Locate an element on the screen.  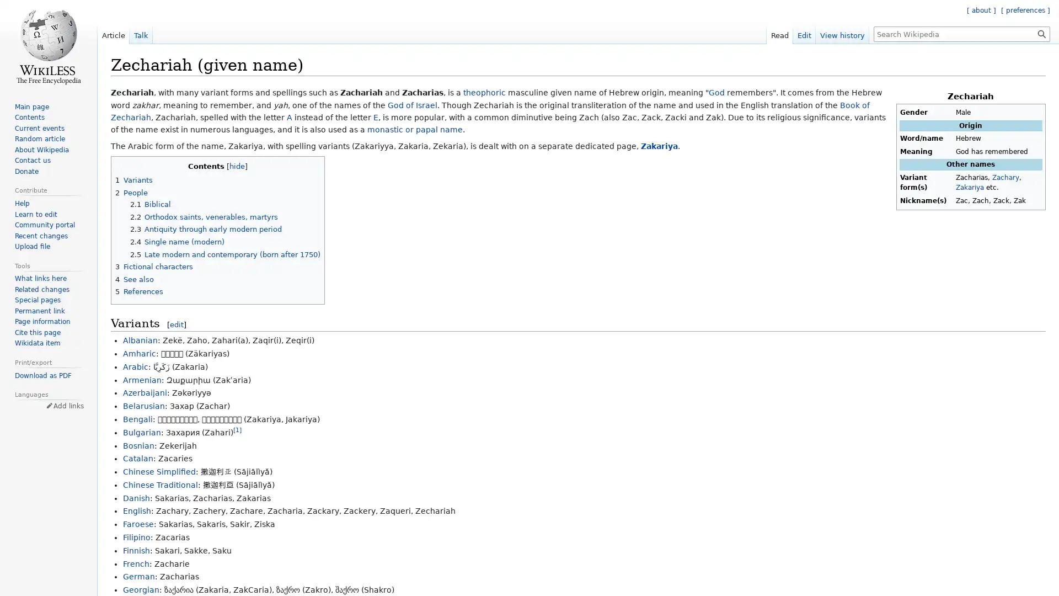
Go is located at coordinates (1041, 33).